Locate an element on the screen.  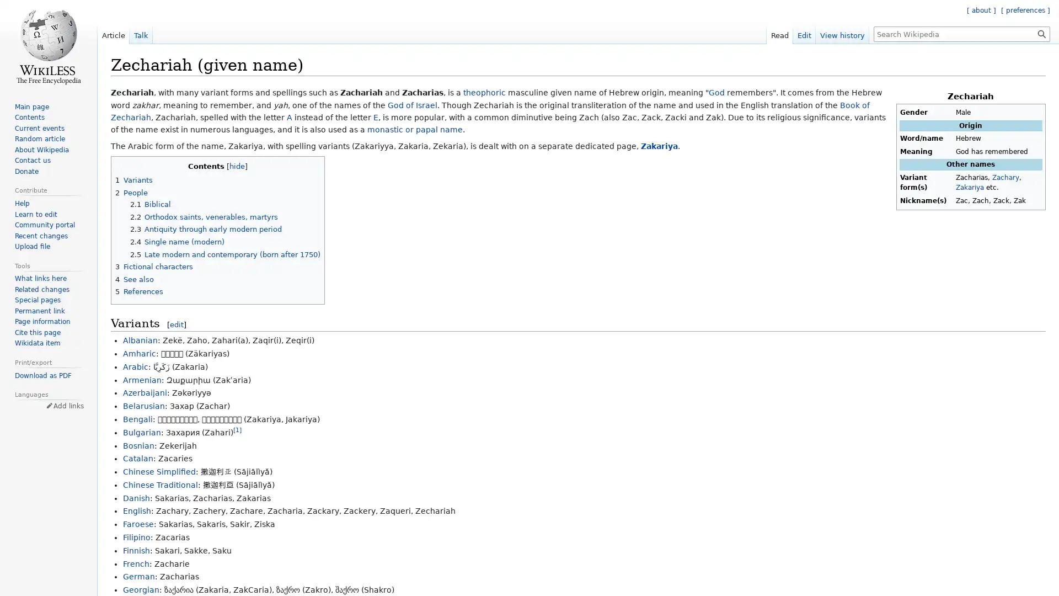
Go is located at coordinates (1041, 33).